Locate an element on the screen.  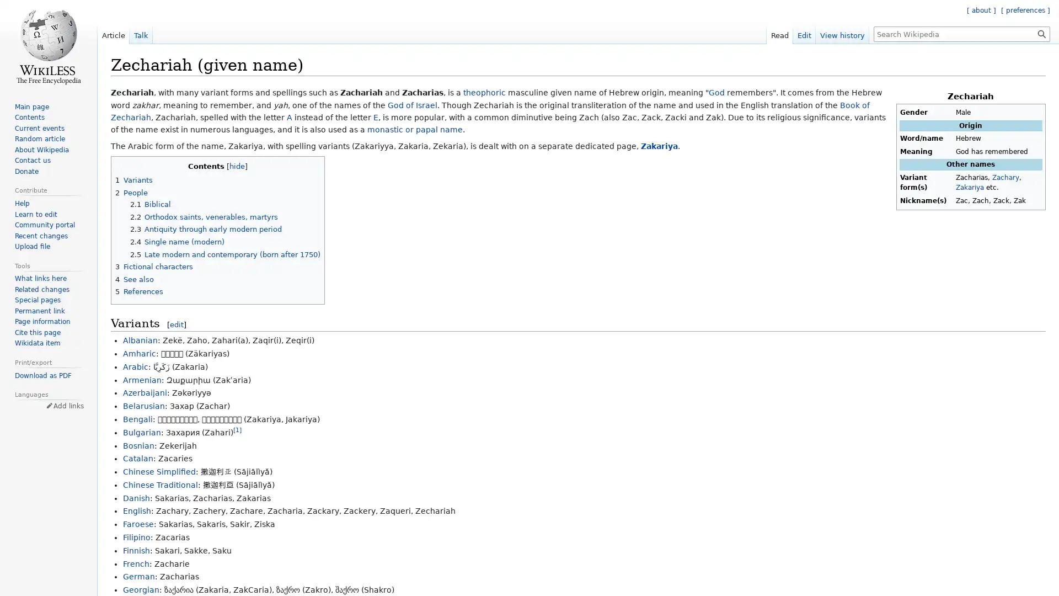
Go is located at coordinates (1041, 33).